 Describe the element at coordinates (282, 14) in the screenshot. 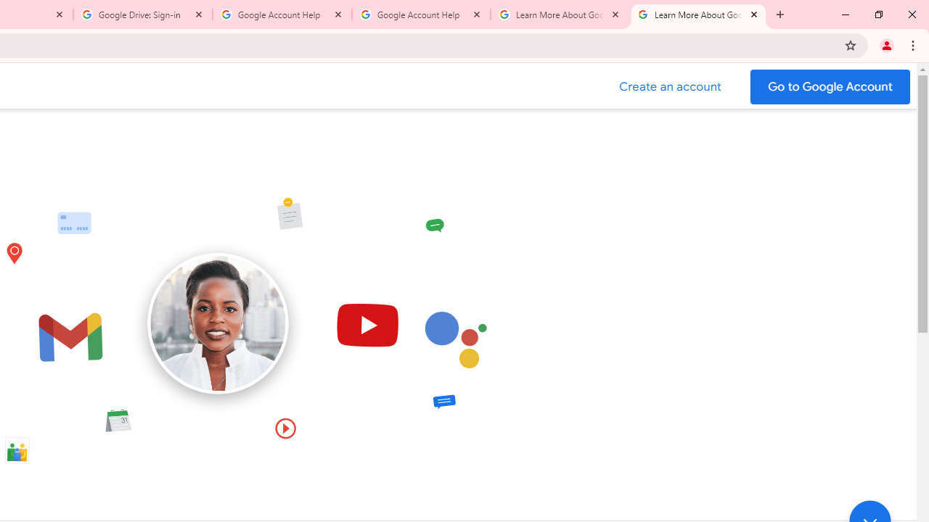

I see `'Google Account Help'` at that location.